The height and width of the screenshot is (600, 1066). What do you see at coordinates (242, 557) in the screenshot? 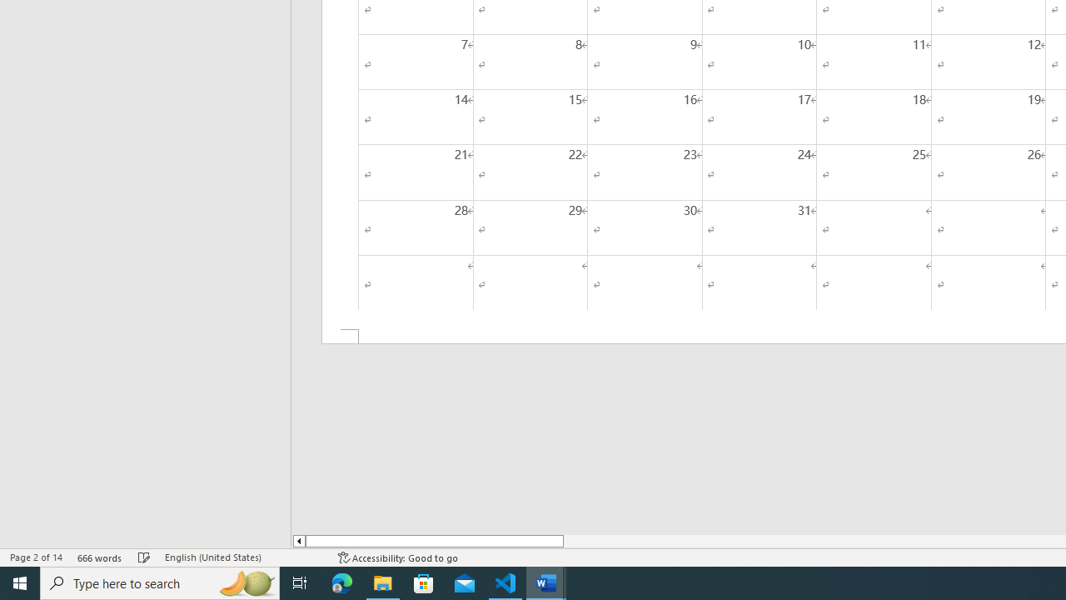
I see `'Language English (United States)'` at bounding box center [242, 557].